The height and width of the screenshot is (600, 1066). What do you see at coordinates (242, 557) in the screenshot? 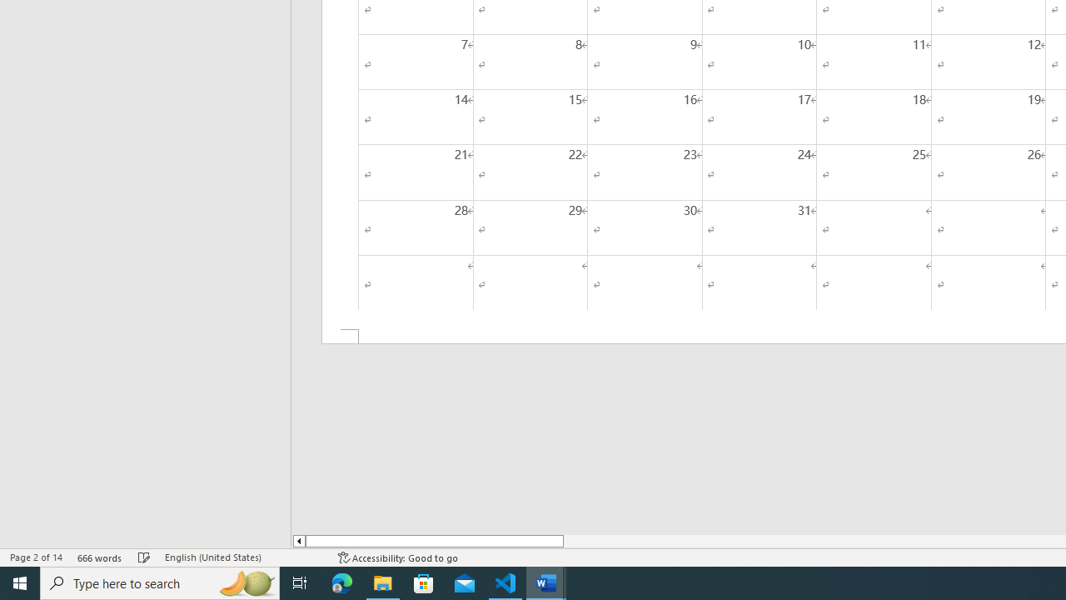
I see `'Language English (United States)'` at bounding box center [242, 557].